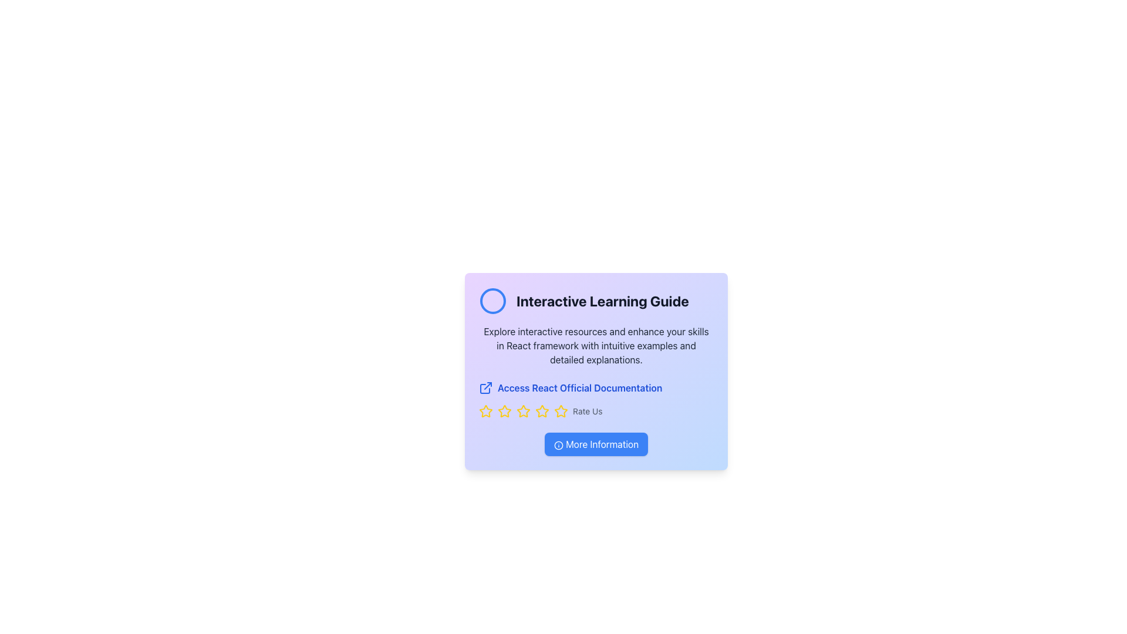  Describe the element at coordinates (588, 411) in the screenshot. I see `the 'Rate Us' static text label, which is styled with a small gray font and positioned to the right of five yellow stars` at that location.